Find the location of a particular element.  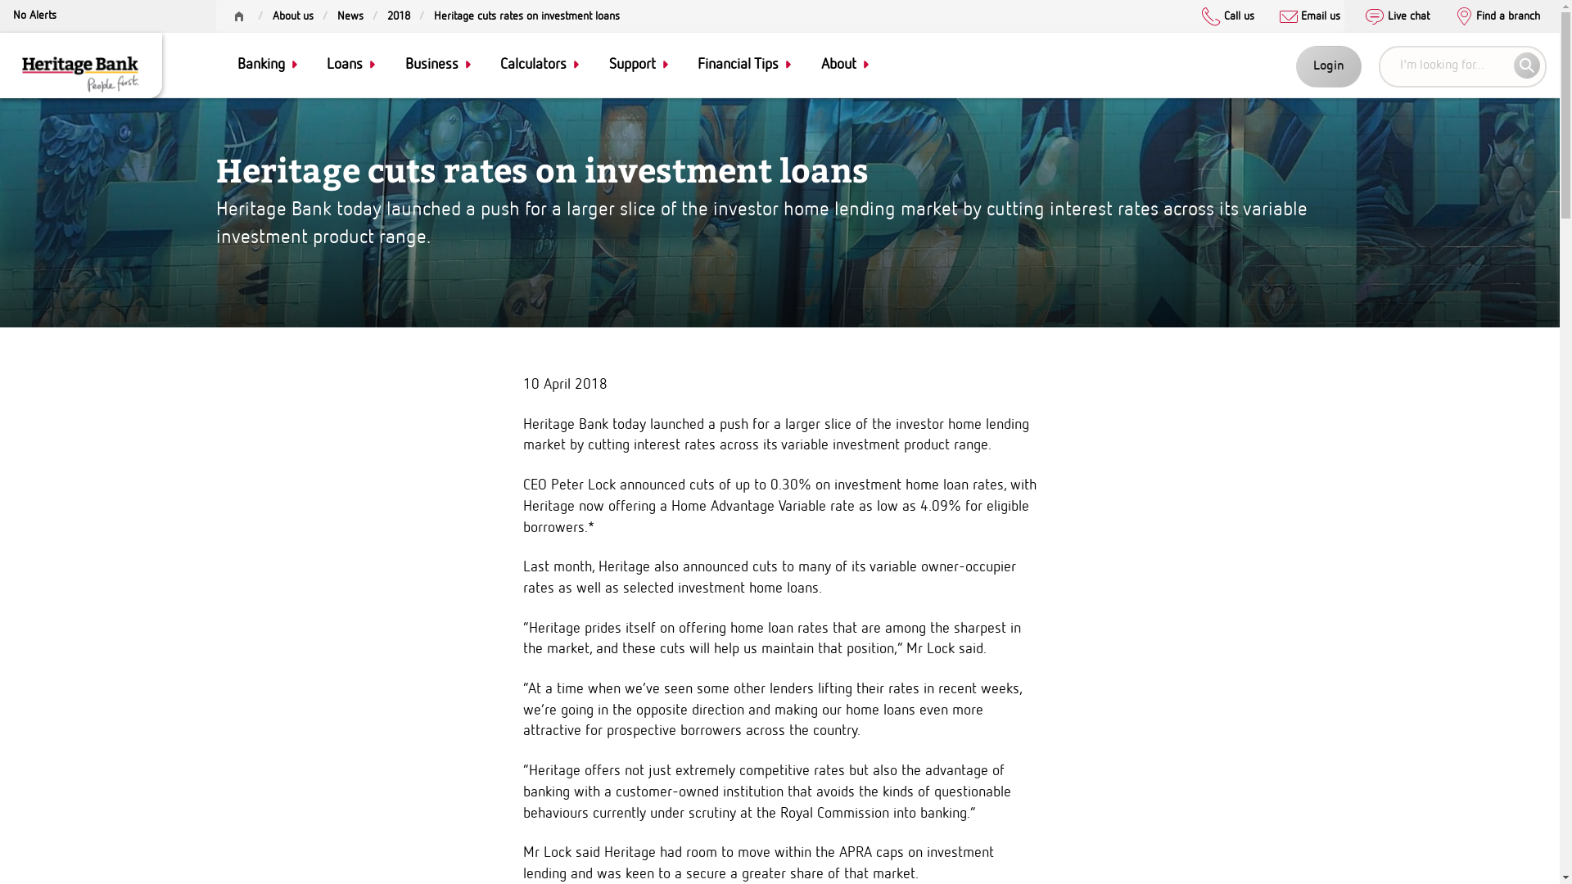

'2018' is located at coordinates (397, 16).